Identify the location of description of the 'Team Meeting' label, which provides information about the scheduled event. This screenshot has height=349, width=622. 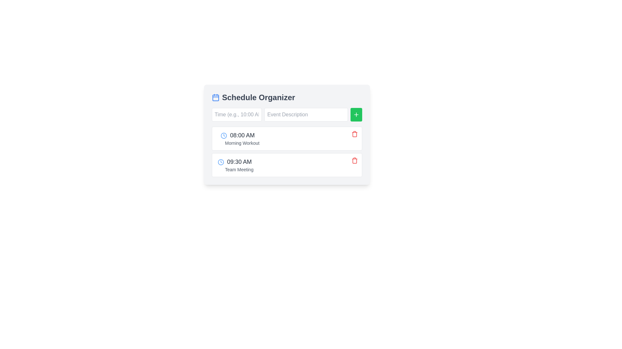
(239, 169).